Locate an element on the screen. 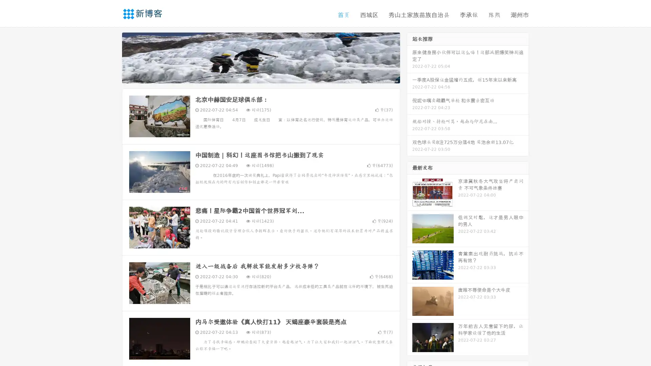 The height and width of the screenshot is (366, 651). Previous slide is located at coordinates (112, 57).